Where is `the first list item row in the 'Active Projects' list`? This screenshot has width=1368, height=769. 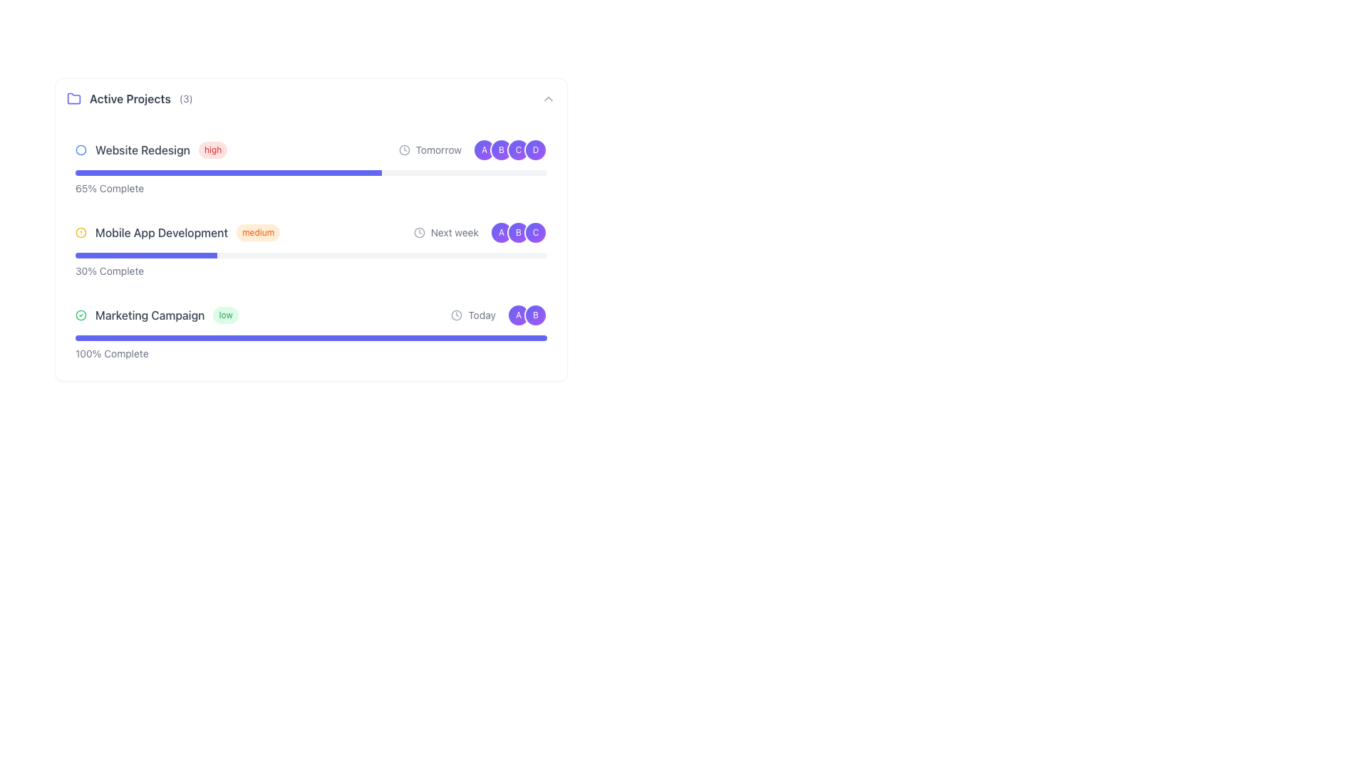 the first list item row in the 'Active Projects' list is located at coordinates (310, 150).